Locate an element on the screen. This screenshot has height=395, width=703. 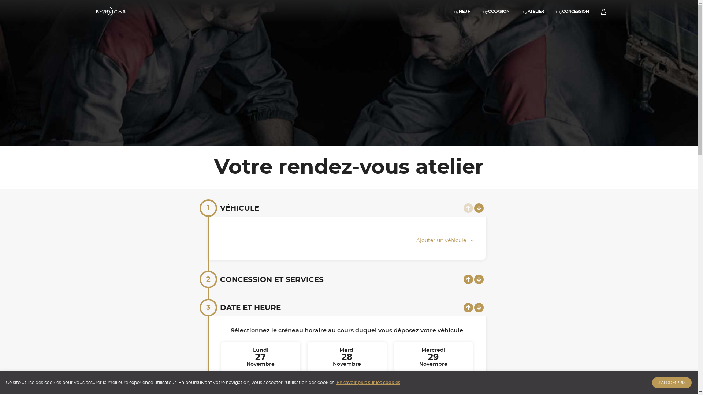
'1' is located at coordinates (207, 208).